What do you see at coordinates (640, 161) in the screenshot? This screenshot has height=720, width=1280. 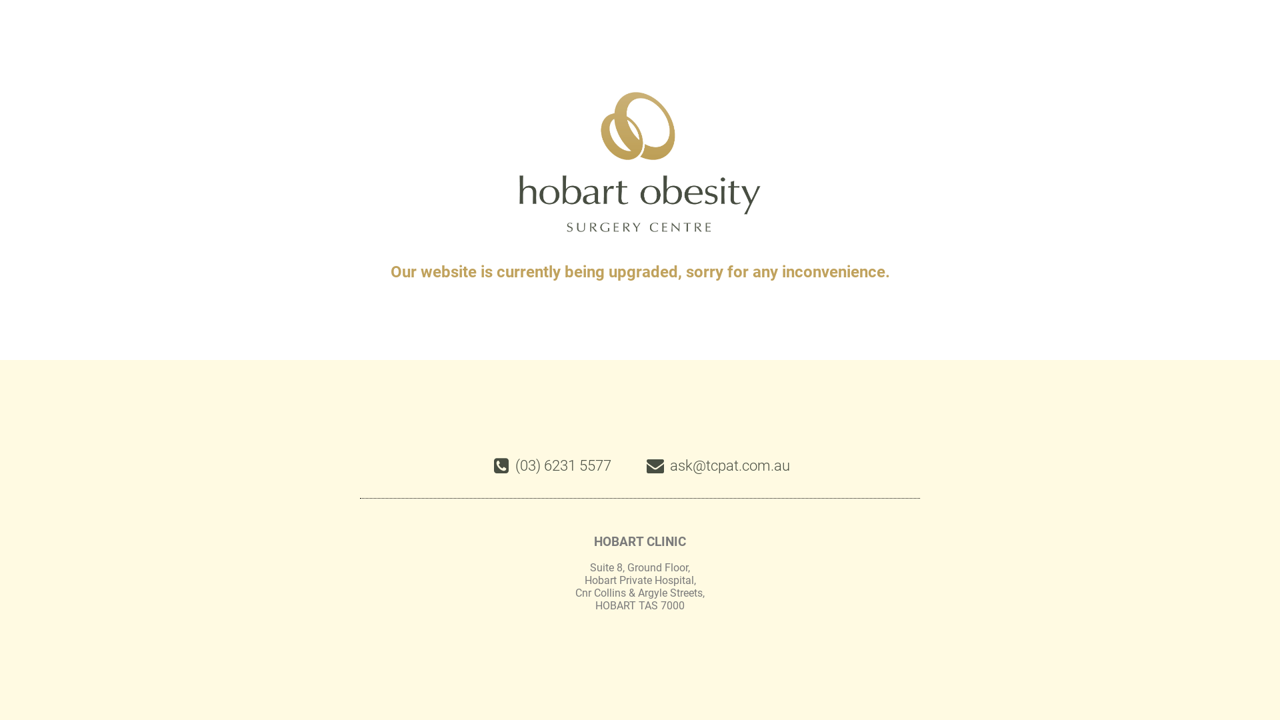 I see `'HobartObesity_logo (2)'` at bounding box center [640, 161].